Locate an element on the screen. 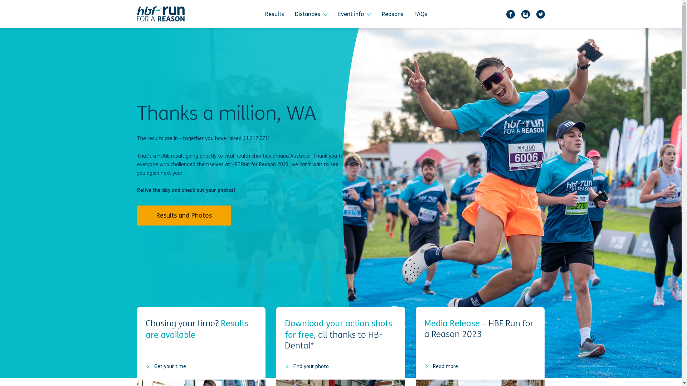  'Distances' is located at coordinates (289, 14).